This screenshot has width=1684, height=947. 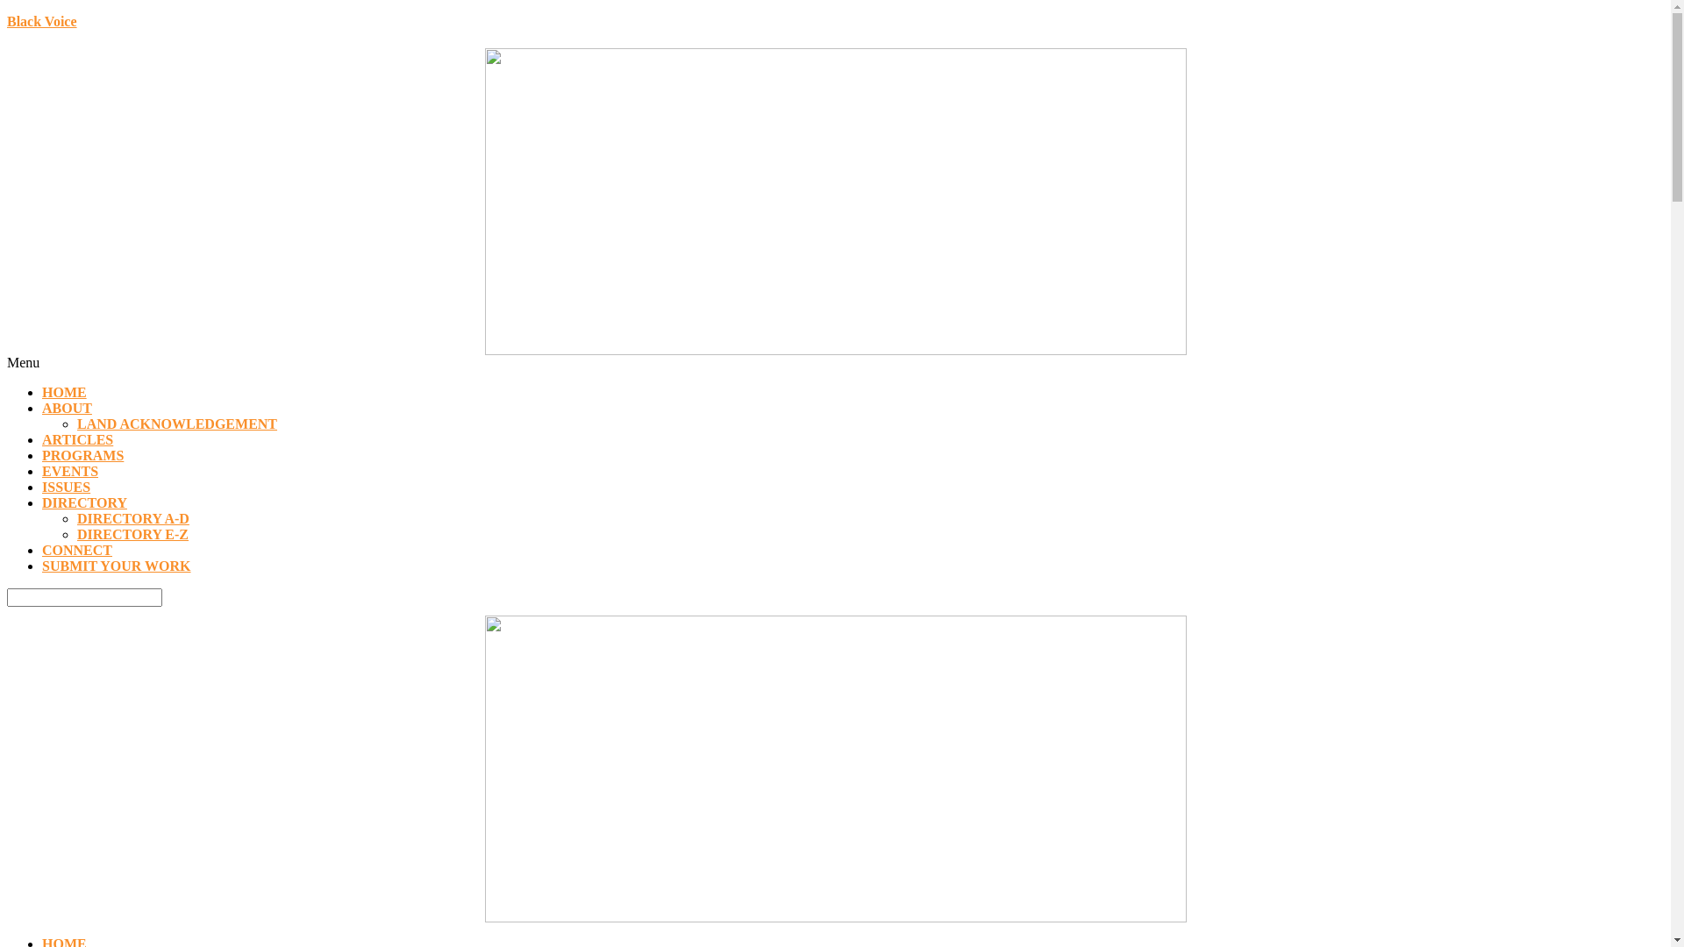 What do you see at coordinates (42, 391) in the screenshot?
I see `'HOME'` at bounding box center [42, 391].